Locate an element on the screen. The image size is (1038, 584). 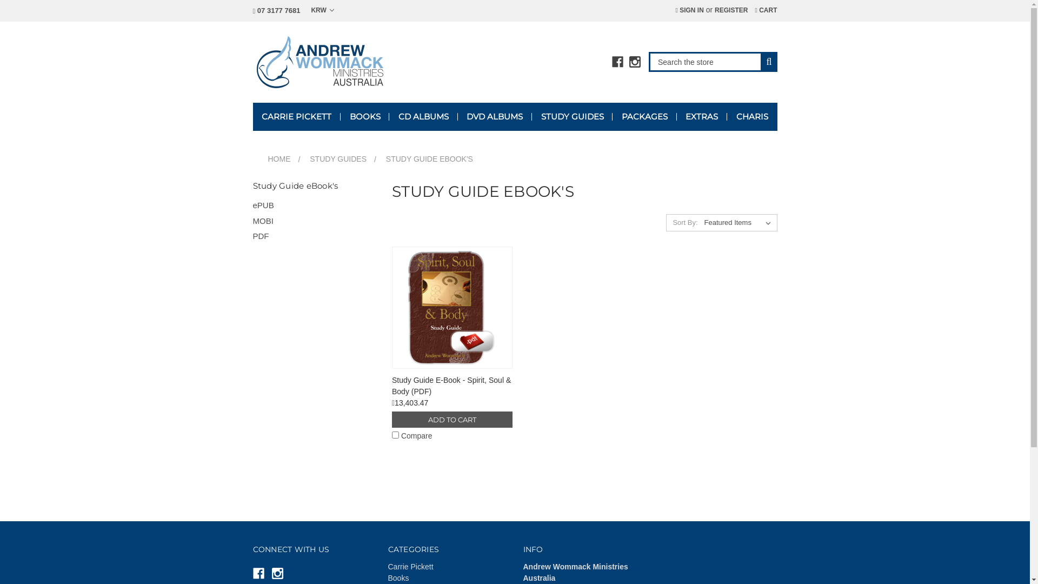
'PACKAGES' is located at coordinates (644, 117).